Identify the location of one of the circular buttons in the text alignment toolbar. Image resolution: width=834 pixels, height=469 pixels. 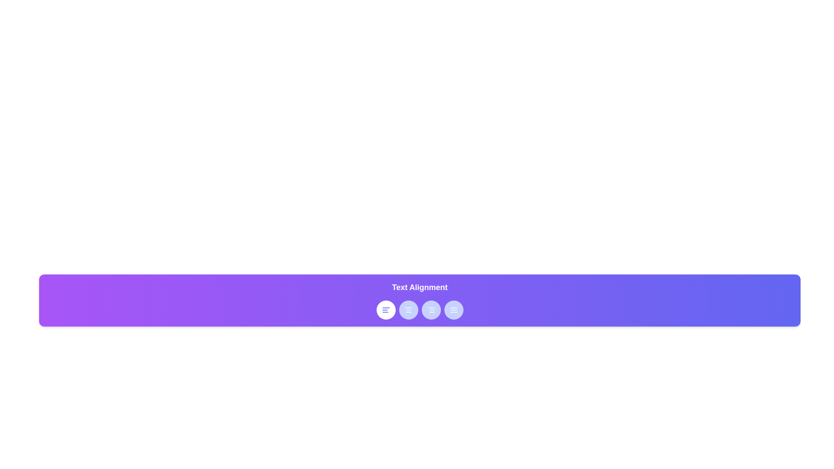
(420, 309).